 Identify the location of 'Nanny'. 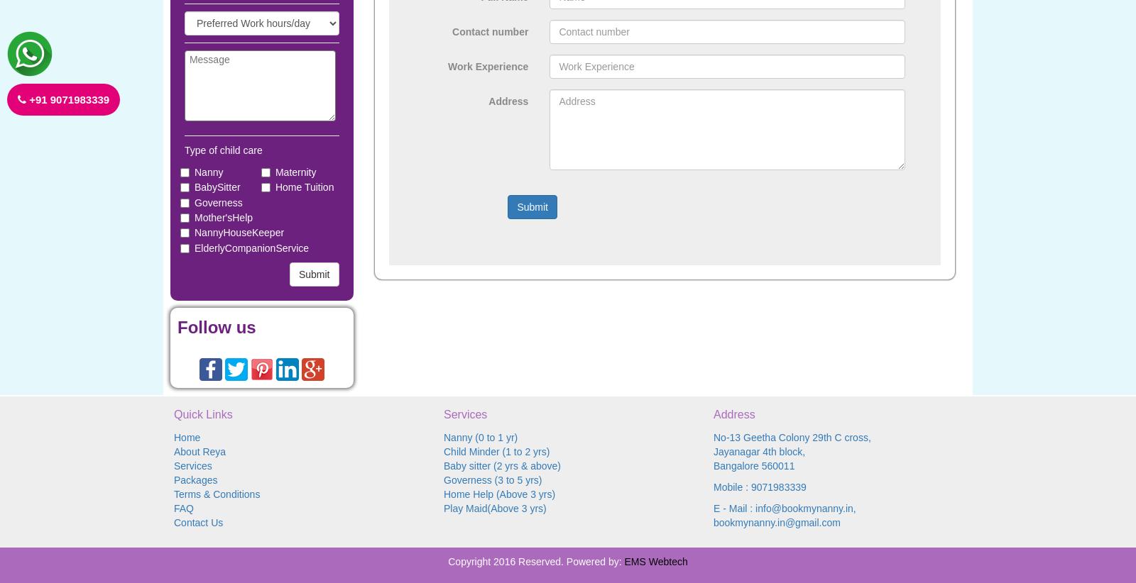
(209, 172).